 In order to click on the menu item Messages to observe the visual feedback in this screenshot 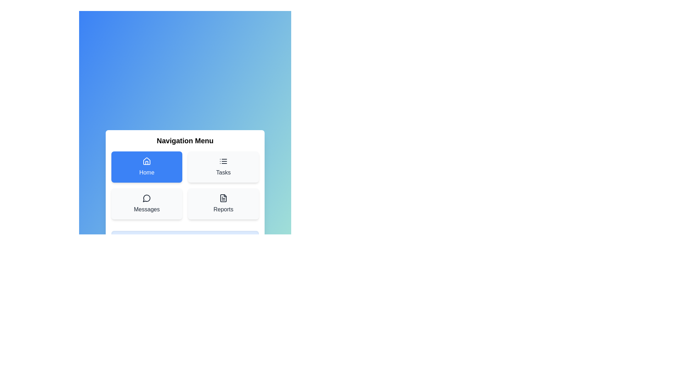, I will do `click(146, 204)`.